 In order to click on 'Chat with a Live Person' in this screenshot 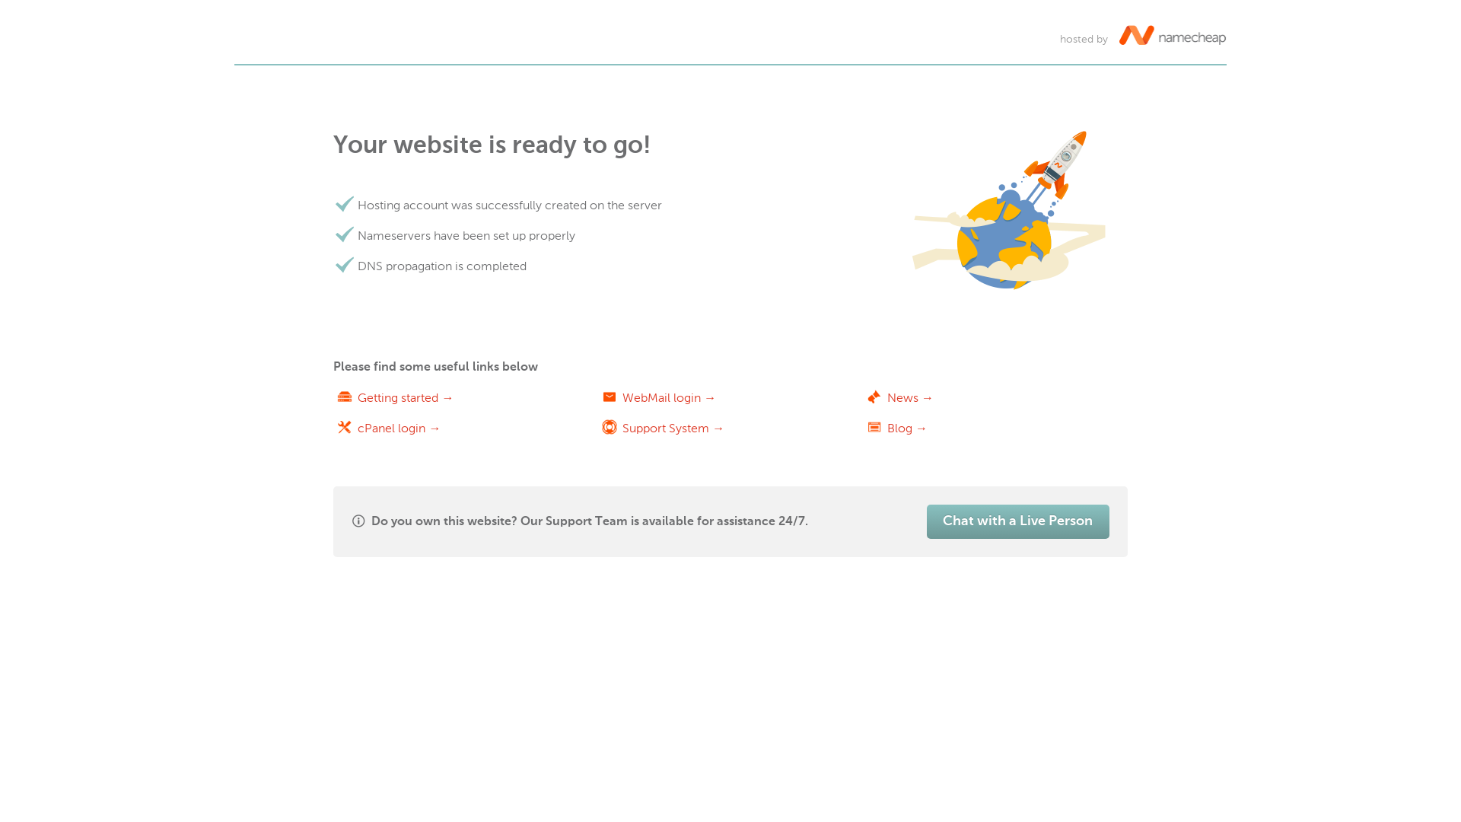, I will do `click(1018, 521)`.